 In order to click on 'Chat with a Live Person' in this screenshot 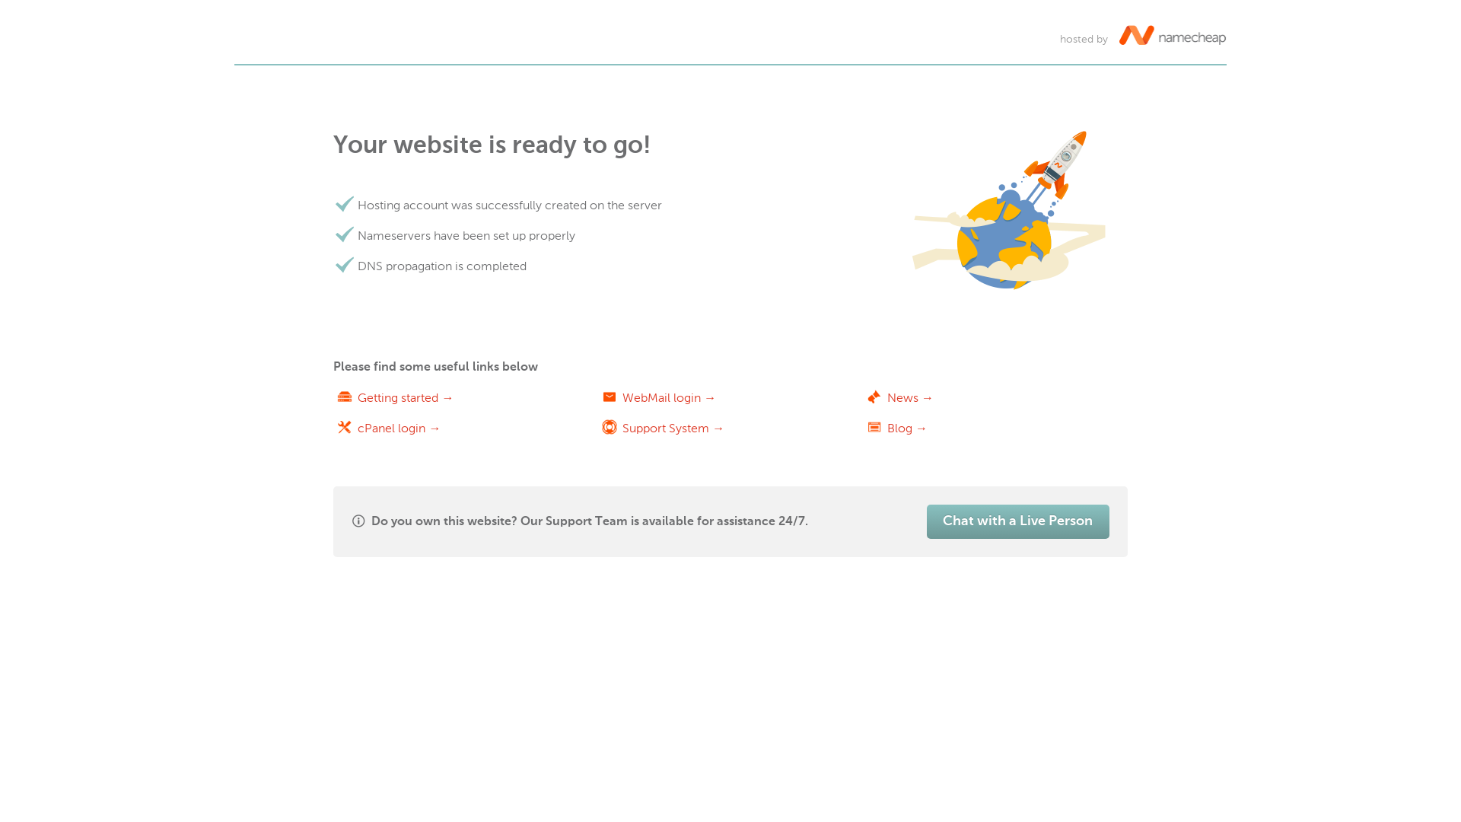, I will do `click(1018, 521)`.